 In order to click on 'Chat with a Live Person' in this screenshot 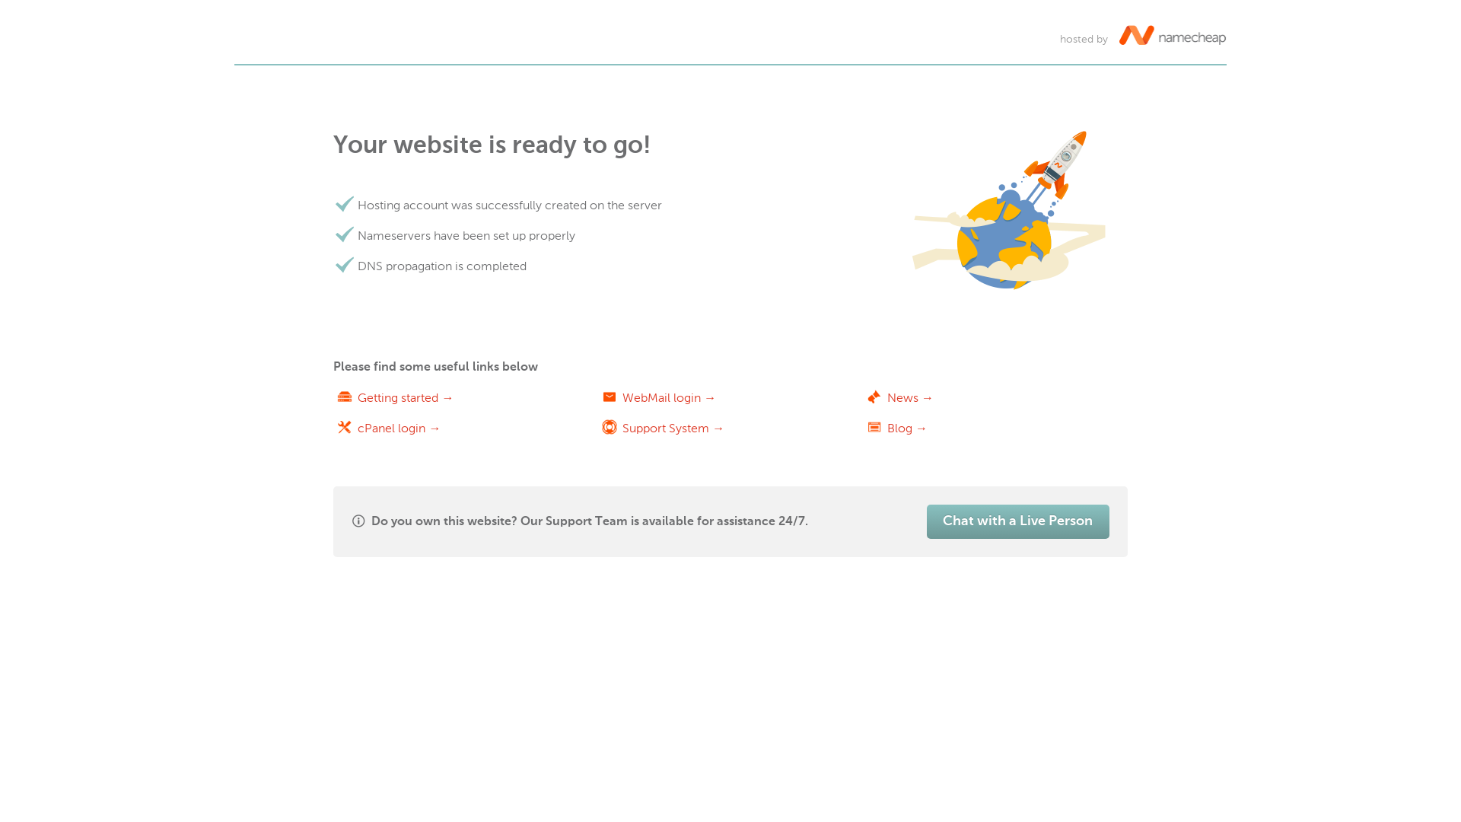, I will do `click(1018, 521)`.